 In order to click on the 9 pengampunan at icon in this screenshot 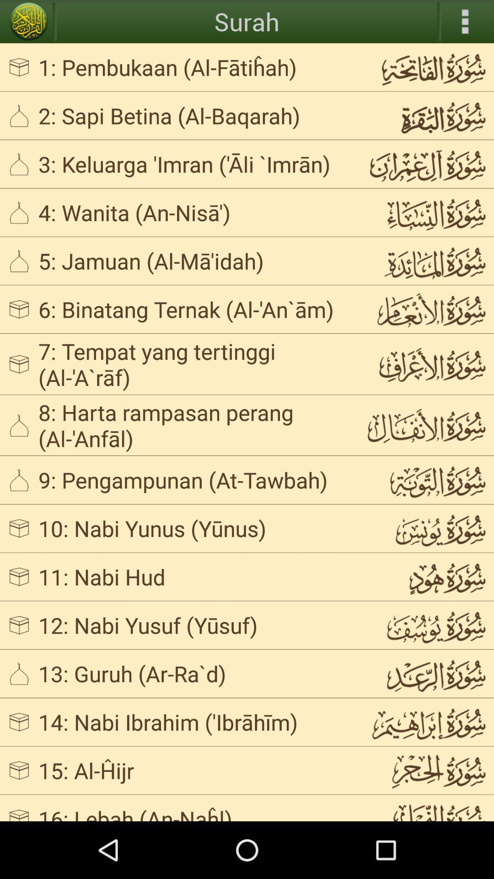, I will do `click(194, 479)`.